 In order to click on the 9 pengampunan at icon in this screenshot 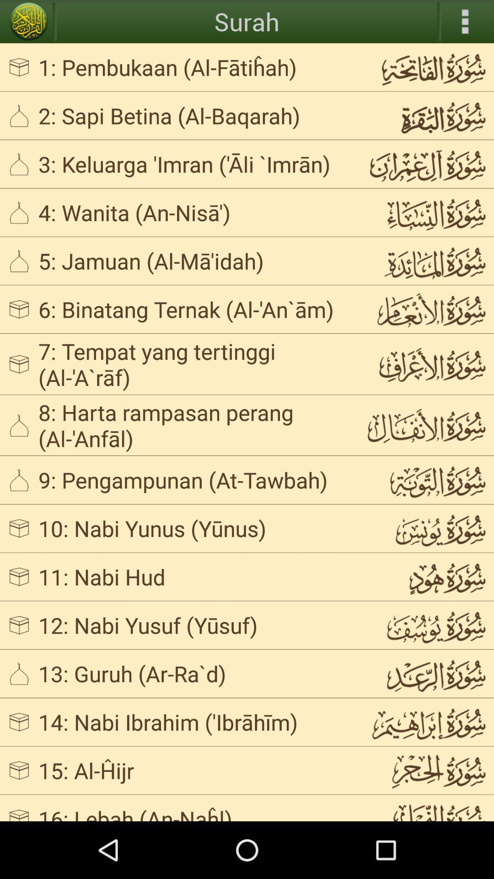, I will do `click(194, 479)`.